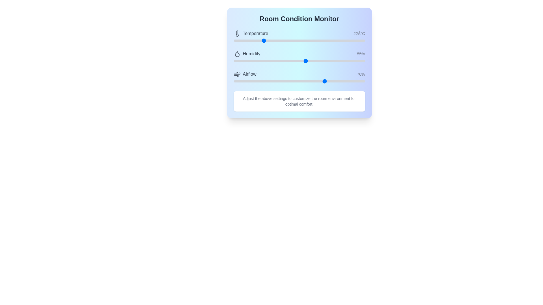 The width and height of the screenshot is (543, 305). Describe the element at coordinates (349, 81) in the screenshot. I see `airflow level` at that location.